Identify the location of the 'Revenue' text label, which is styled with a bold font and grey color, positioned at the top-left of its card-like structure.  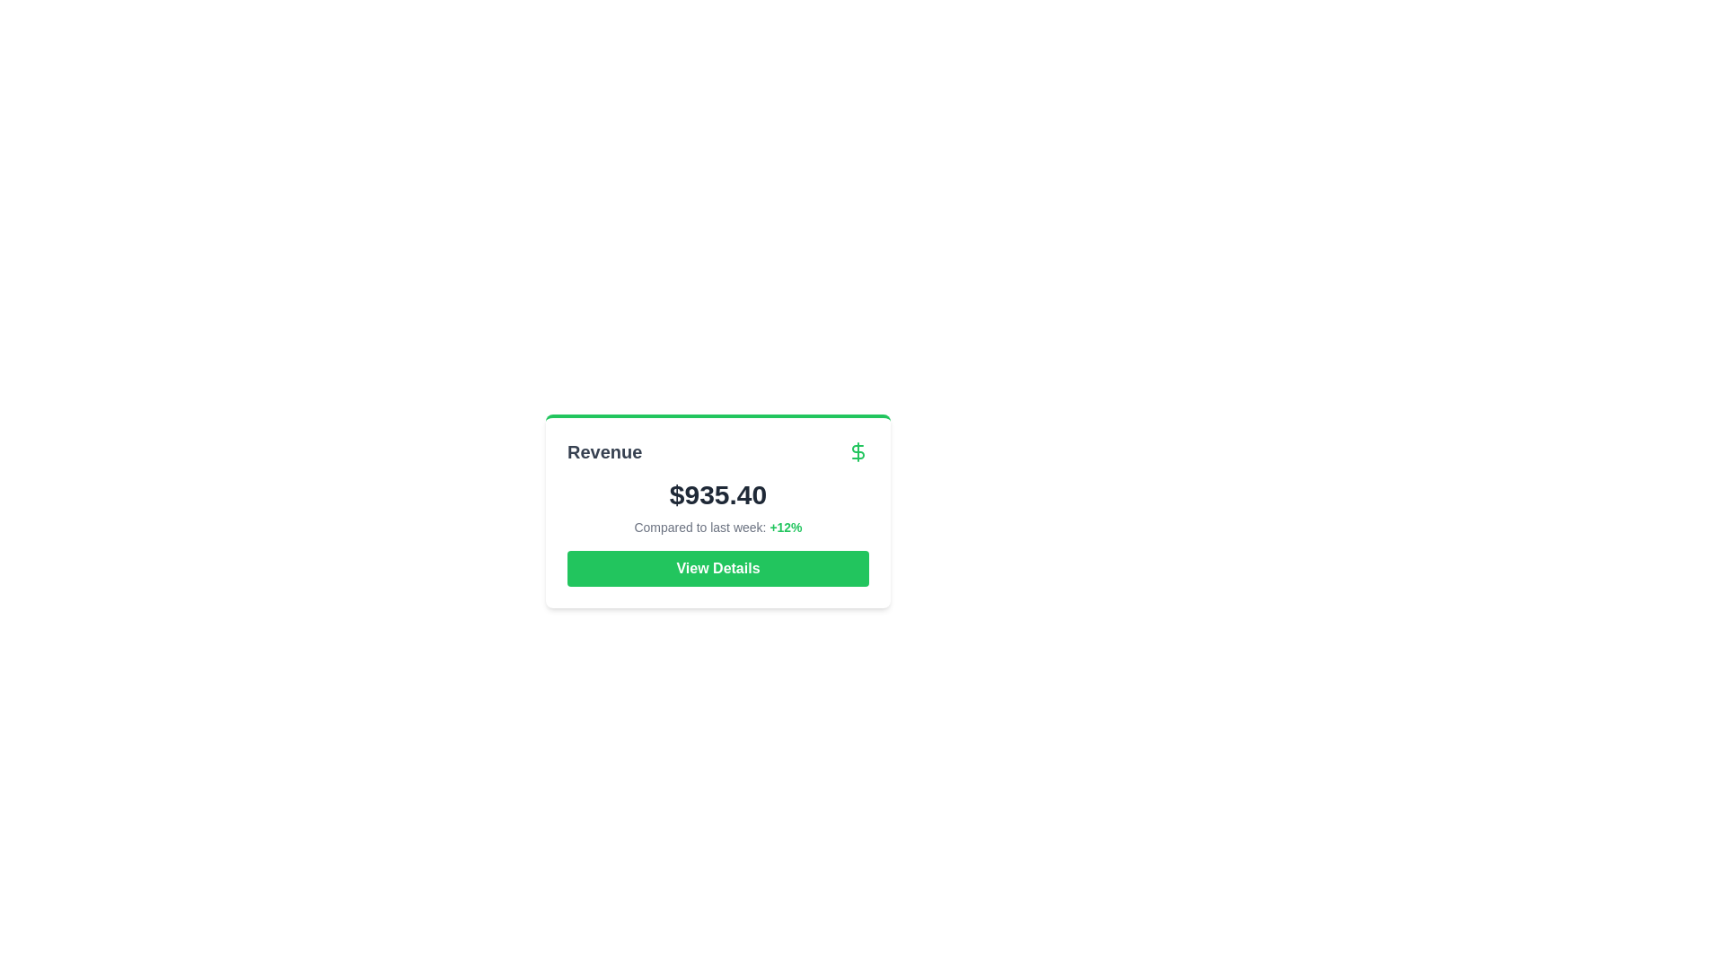
(604, 451).